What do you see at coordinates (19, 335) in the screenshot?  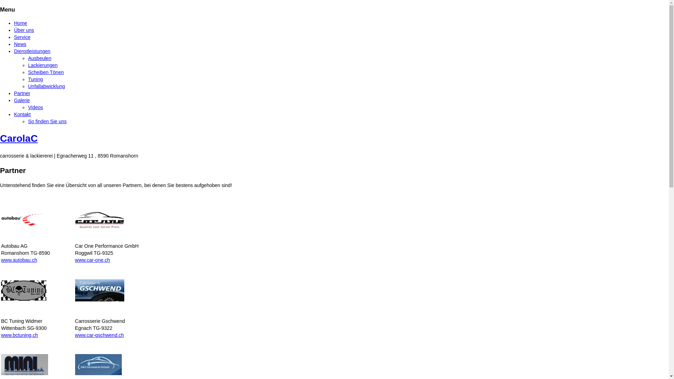 I see `'www.bctuning.ch'` at bounding box center [19, 335].